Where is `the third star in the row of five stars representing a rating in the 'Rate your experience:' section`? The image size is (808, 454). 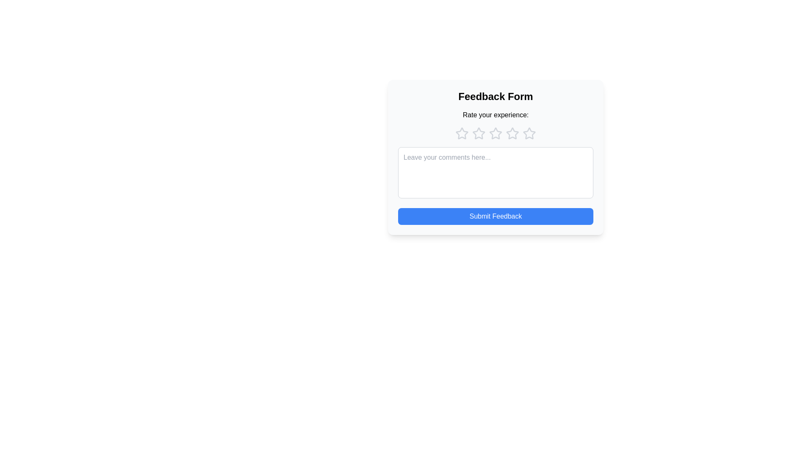
the third star in the row of five stars representing a rating in the 'Rate your experience:' section is located at coordinates (512, 132).